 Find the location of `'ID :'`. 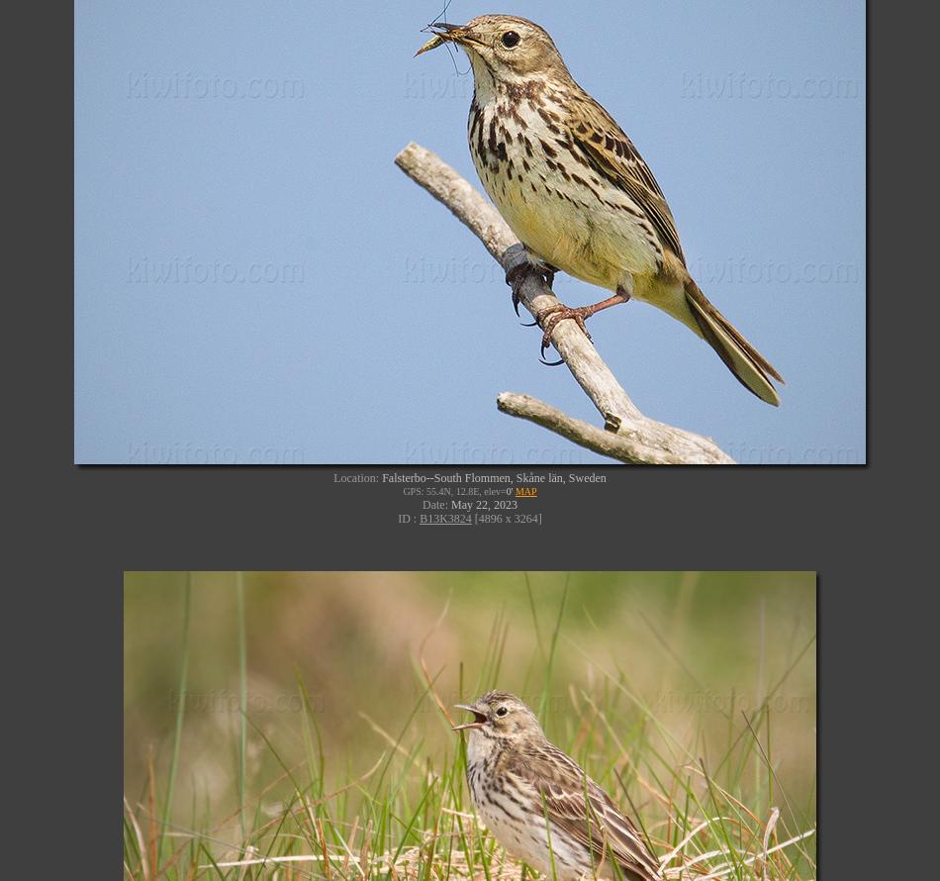

'ID :' is located at coordinates (397, 516).